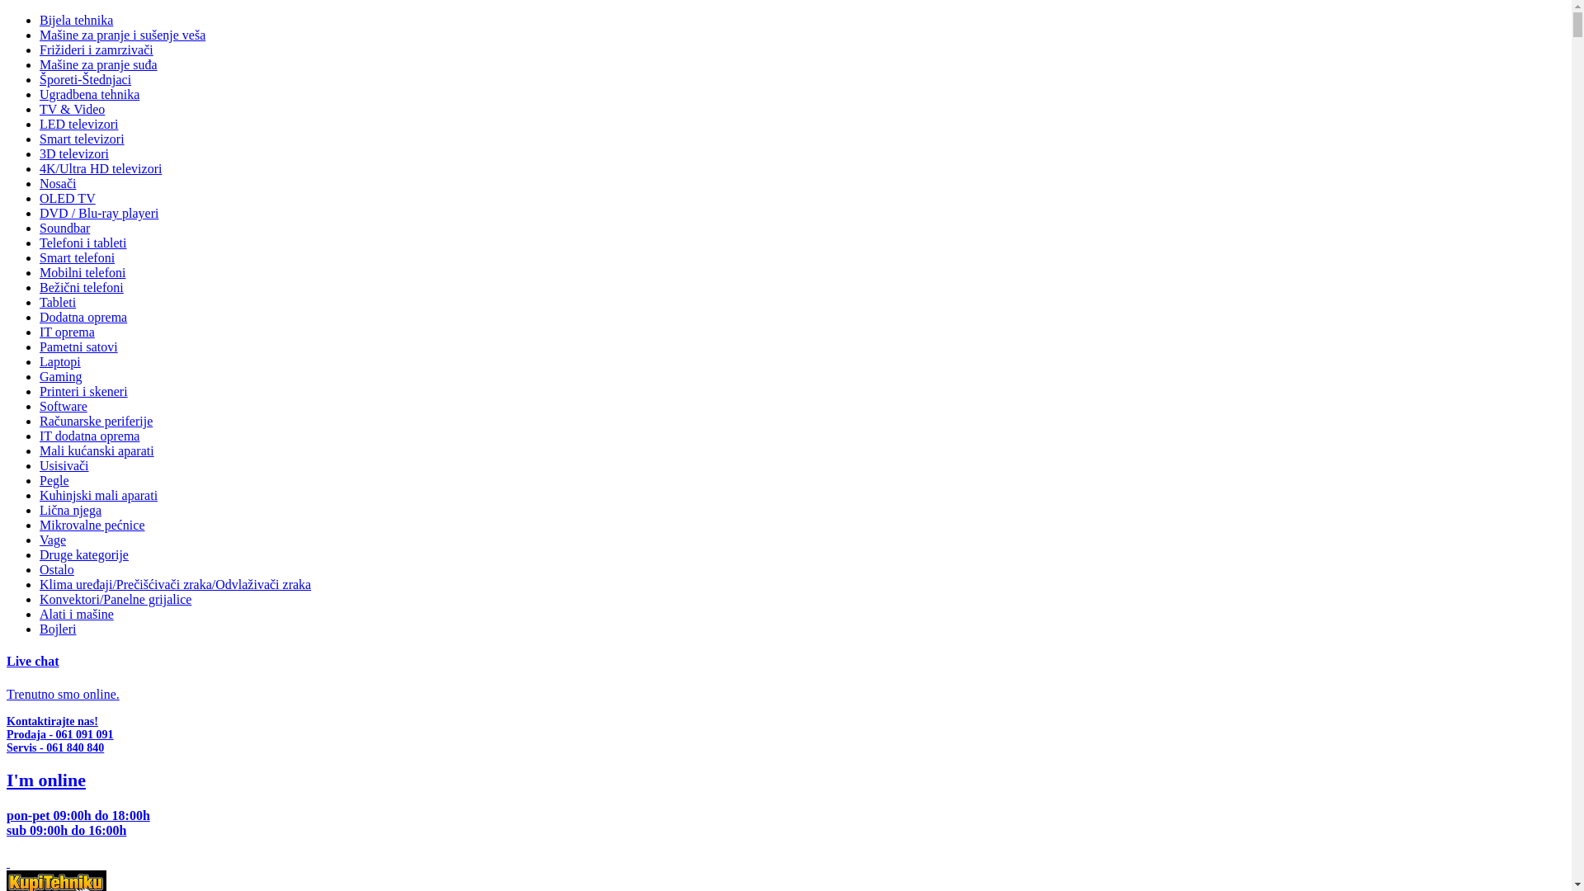  What do you see at coordinates (64, 228) in the screenshot?
I see `'Soundbar'` at bounding box center [64, 228].